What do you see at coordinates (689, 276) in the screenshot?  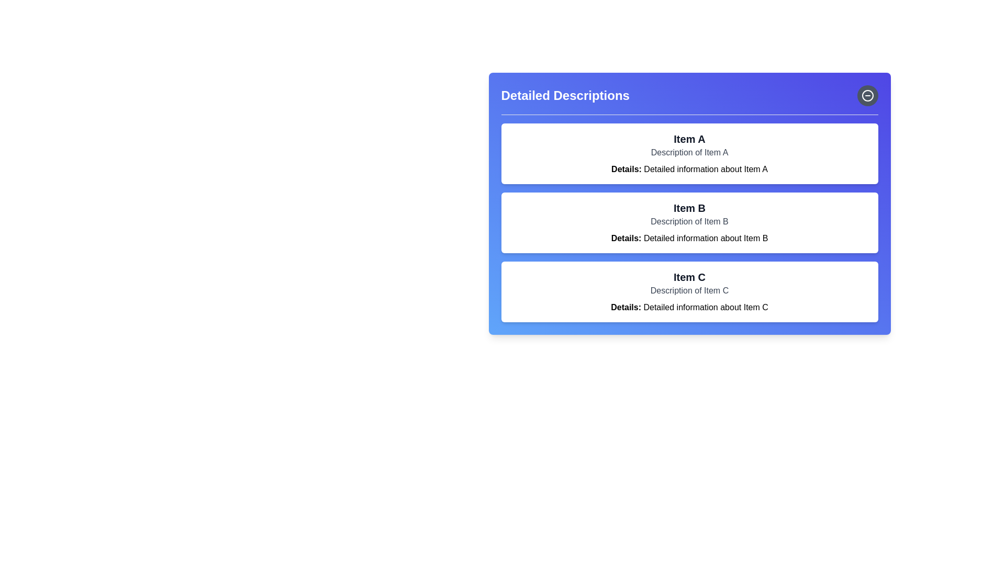 I see `the text label 'Item C', which is styled in bold and dark color, located in the bottom card of a vertically stacked list of cards` at bounding box center [689, 276].